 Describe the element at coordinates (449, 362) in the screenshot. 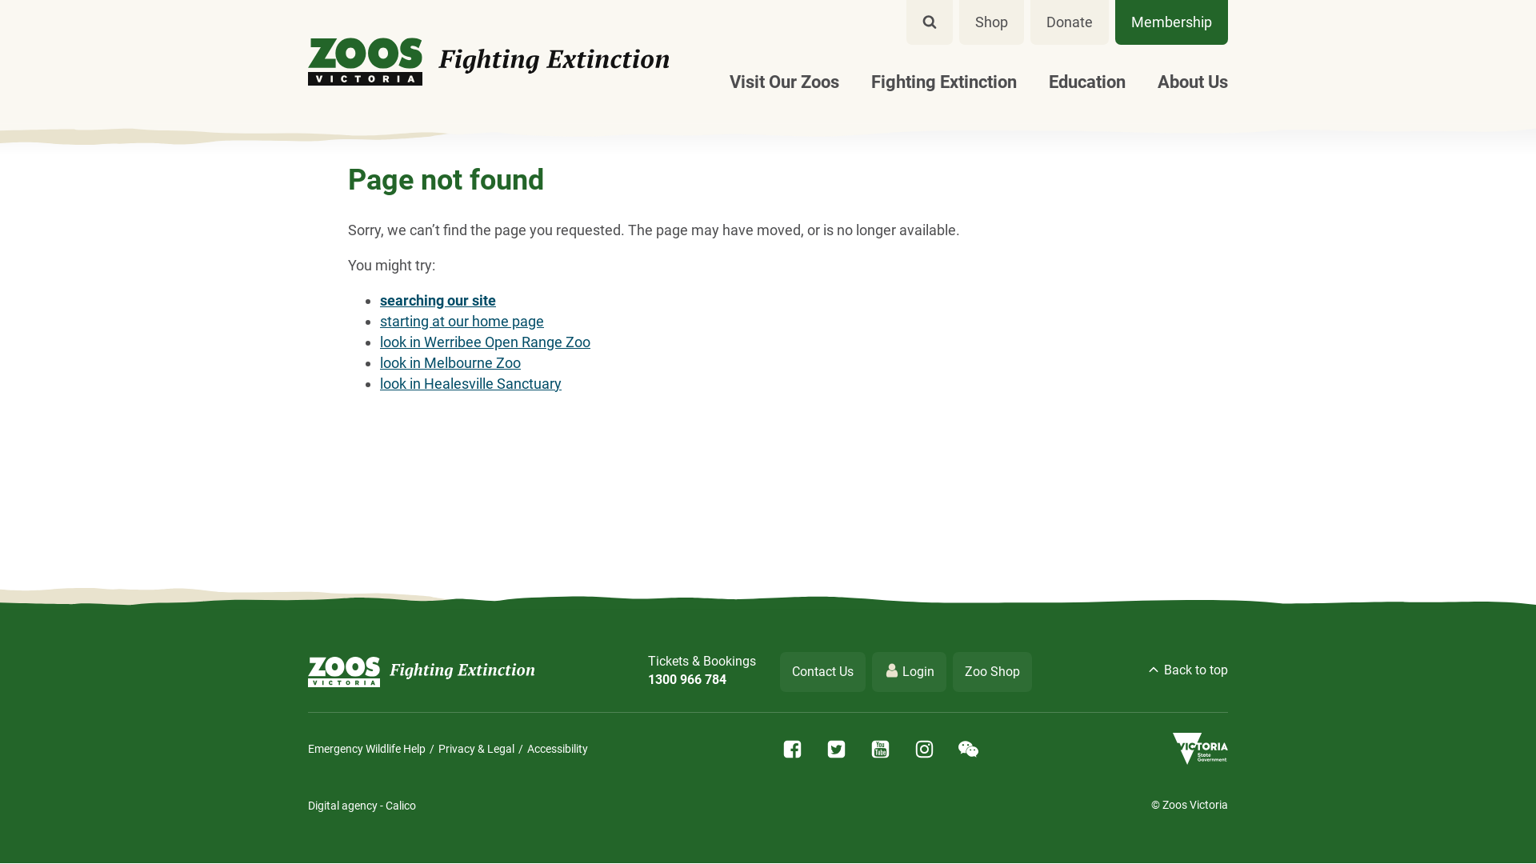

I see `'look in Melbourne Zoo'` at that location.